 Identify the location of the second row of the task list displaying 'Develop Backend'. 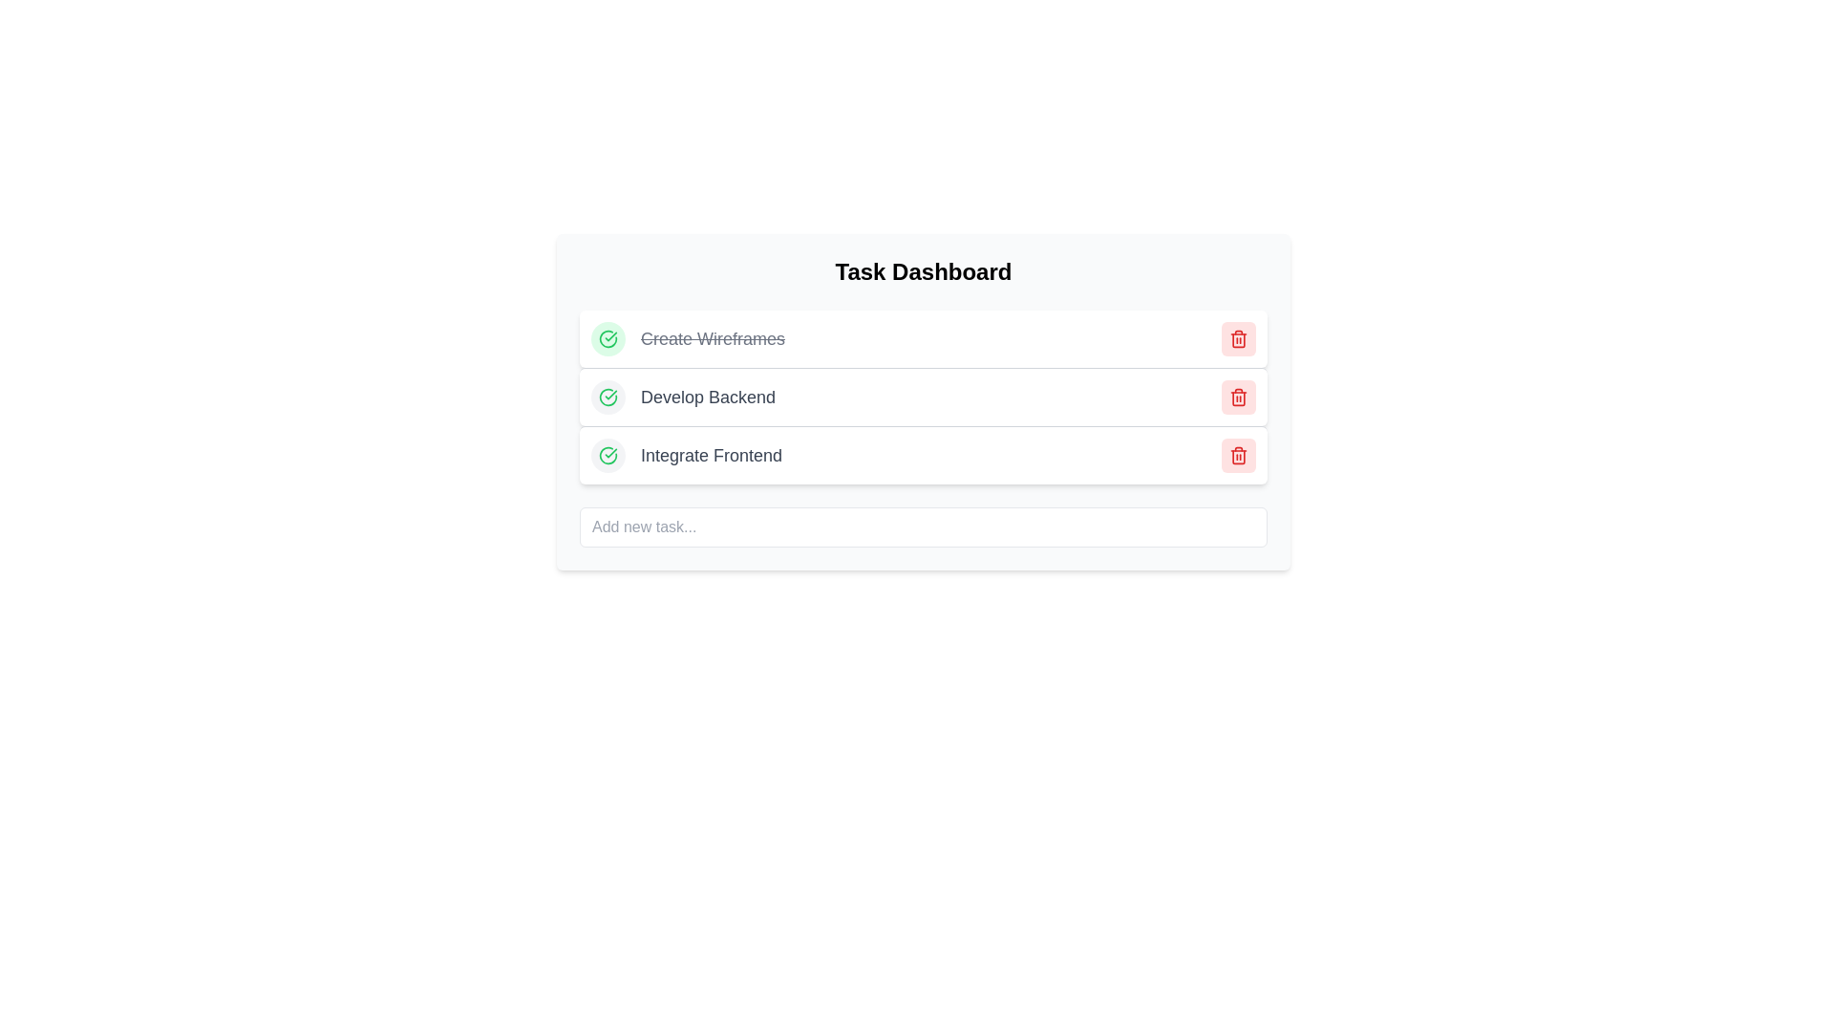
(923, 397).